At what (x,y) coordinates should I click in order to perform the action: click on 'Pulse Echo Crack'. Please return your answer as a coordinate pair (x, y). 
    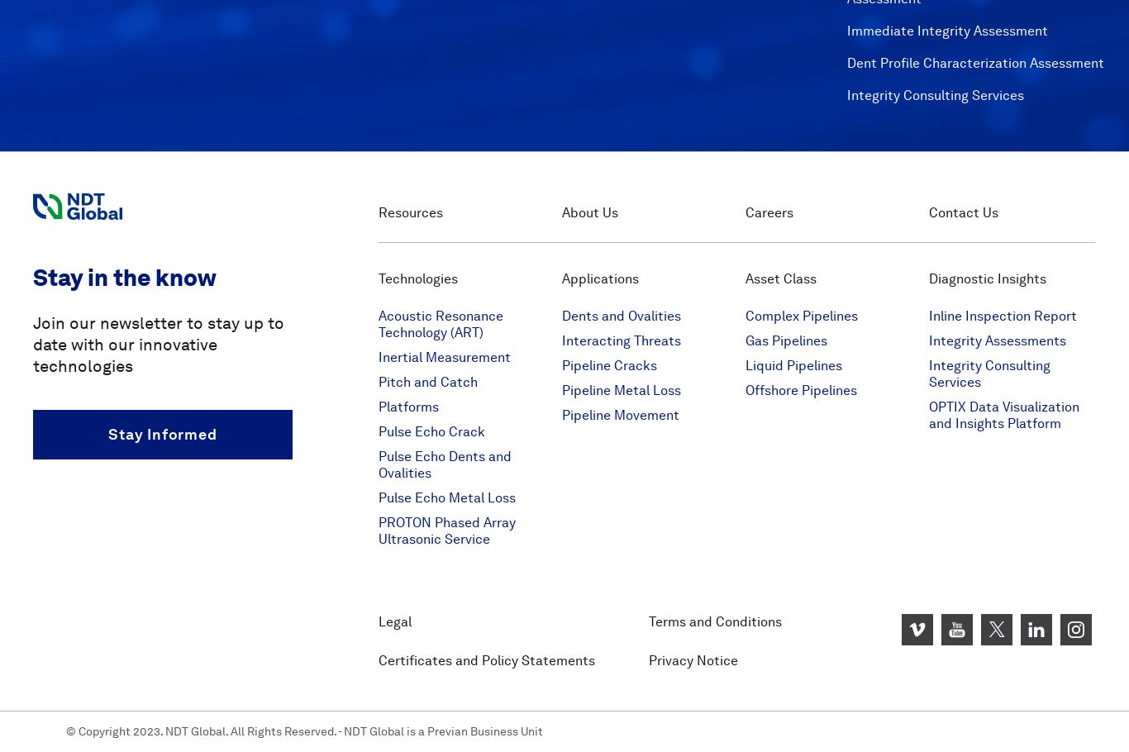
    Looking at the image, I should click on (431, 430).